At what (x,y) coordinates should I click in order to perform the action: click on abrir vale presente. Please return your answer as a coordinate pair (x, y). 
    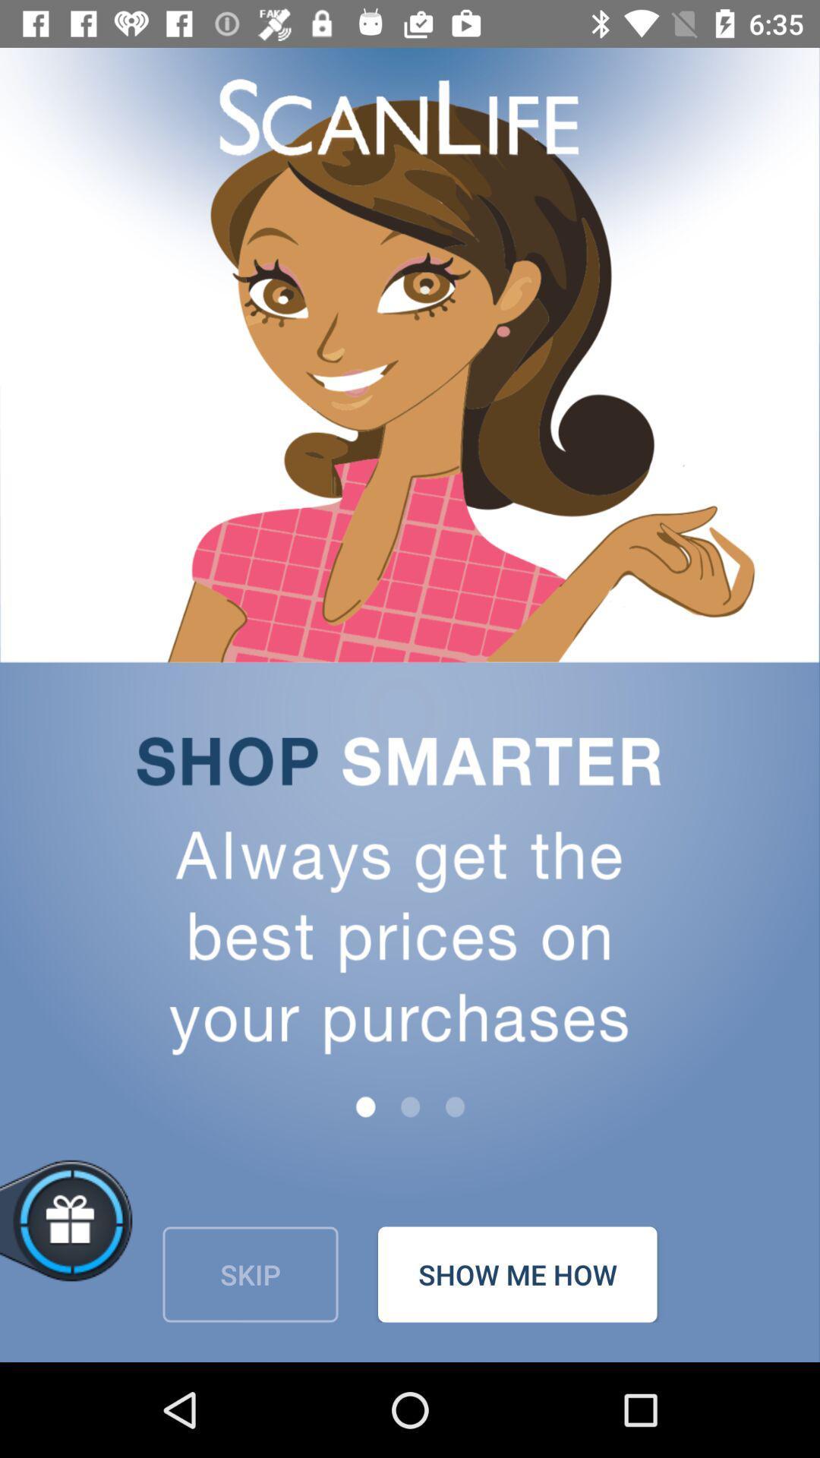
    Looking at the image, I should click on (118, 1239).